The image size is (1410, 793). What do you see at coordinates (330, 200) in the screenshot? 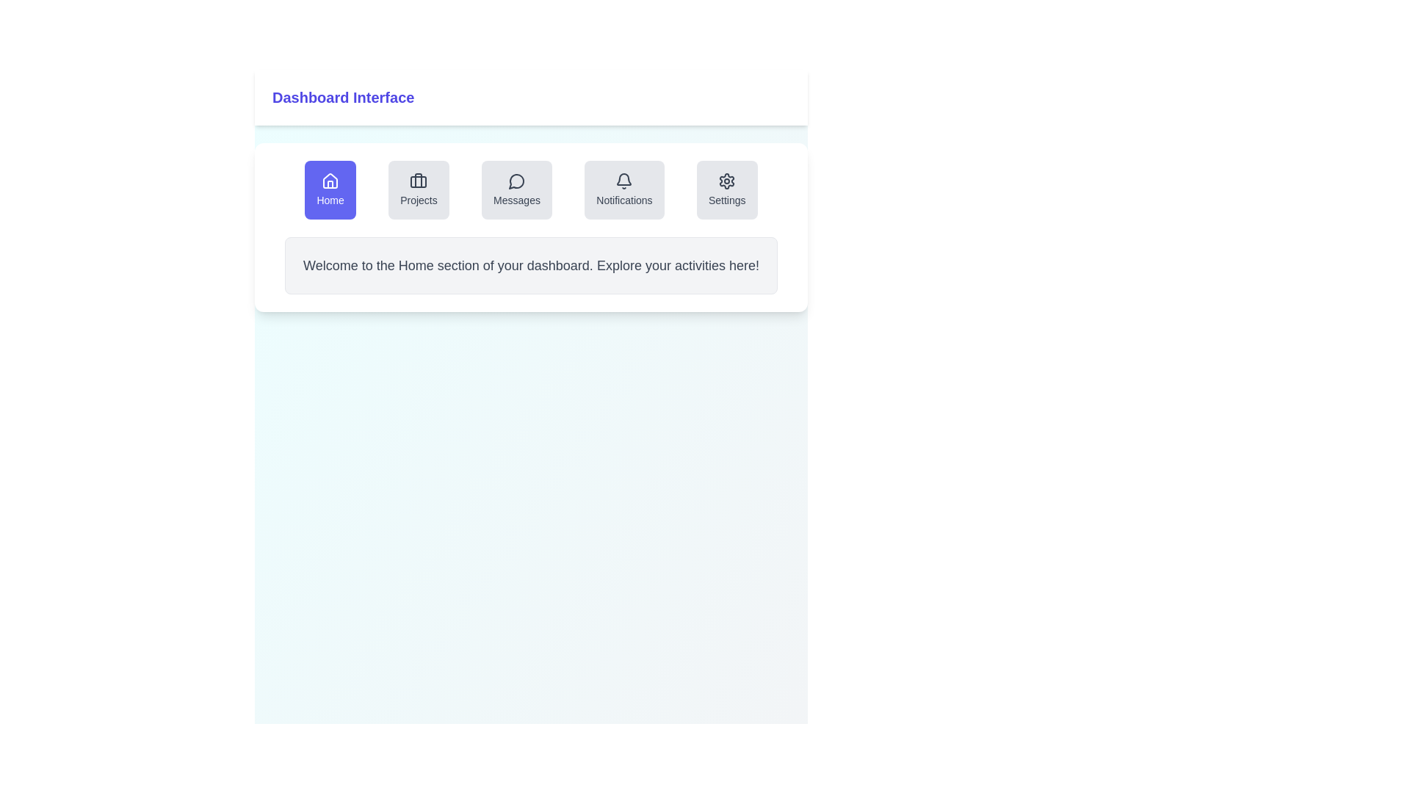
I see `the 'Home' text label located within the navigation button, which has a purple background and rounded corners, positioned in the top-left corner of the button grid` at bounding box center [330, 200].